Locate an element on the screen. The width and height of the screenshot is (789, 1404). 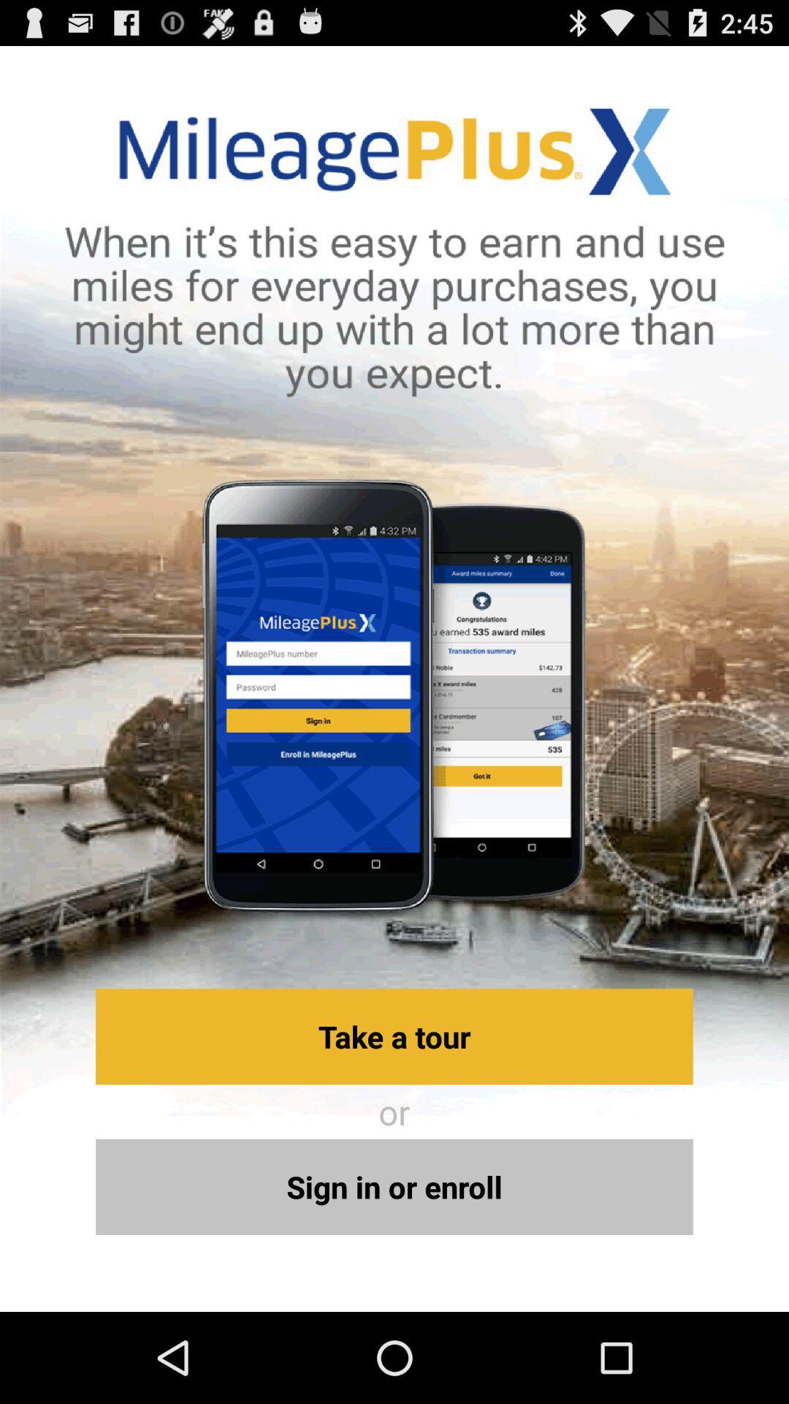
the sign in or icon is located at coordinates (394, 1187).